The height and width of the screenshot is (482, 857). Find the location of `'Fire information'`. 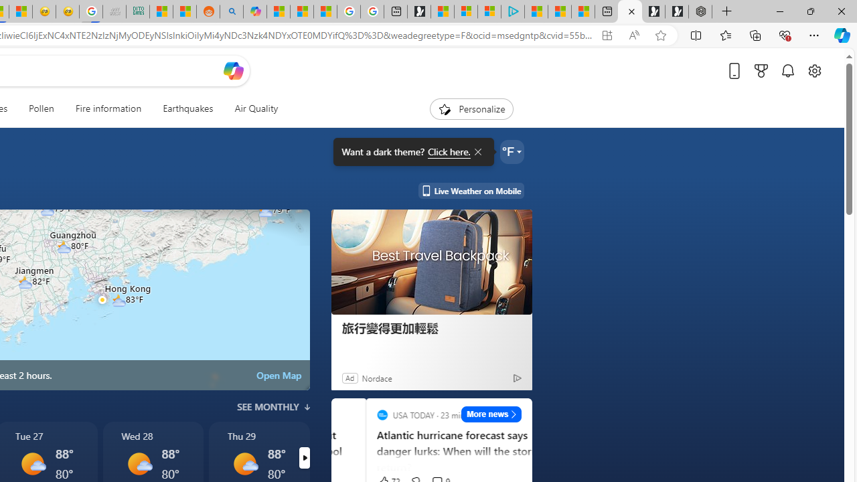

'Fire information' is located at coordinates (108, 108).